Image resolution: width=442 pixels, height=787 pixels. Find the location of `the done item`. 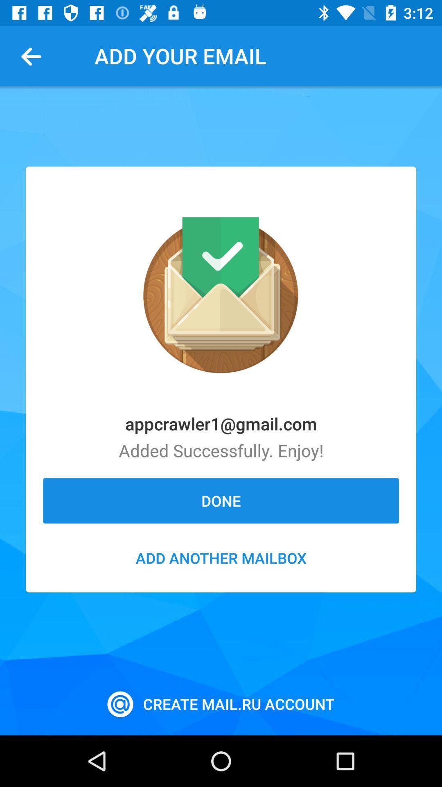

the done item is located at coordinates (221, 500).